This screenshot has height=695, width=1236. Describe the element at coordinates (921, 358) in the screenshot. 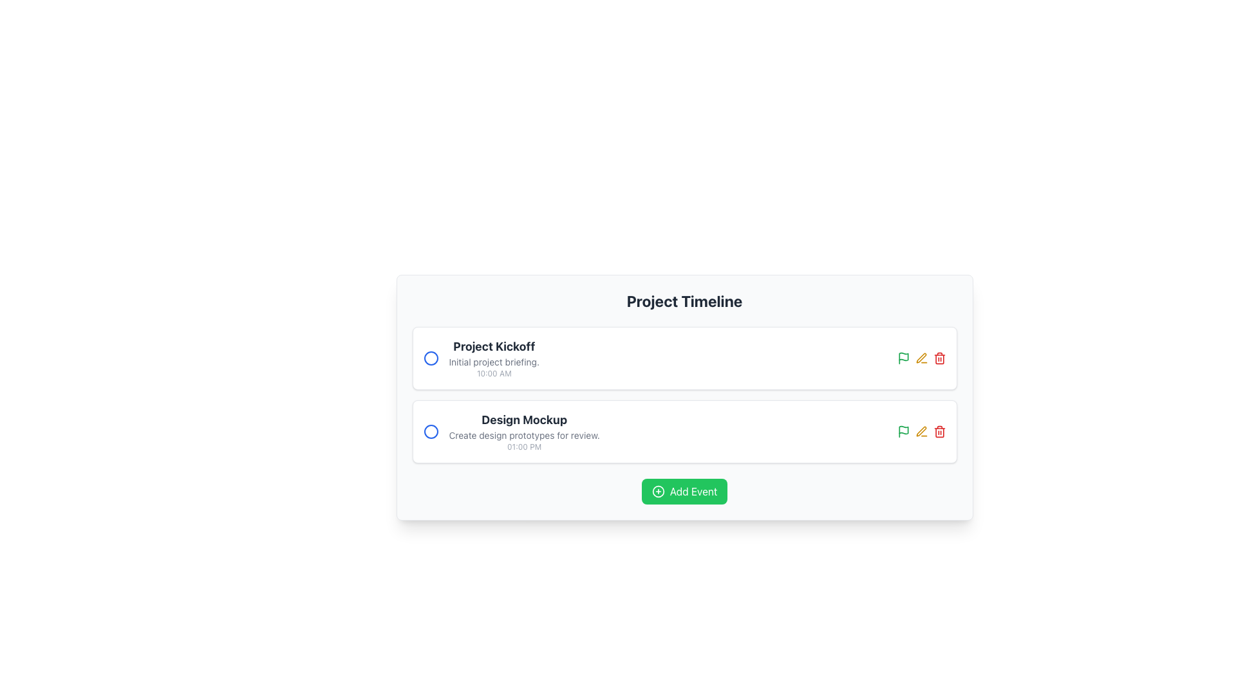

I see `the edit pencil/pen icon associated with the second task in the list` at that location.